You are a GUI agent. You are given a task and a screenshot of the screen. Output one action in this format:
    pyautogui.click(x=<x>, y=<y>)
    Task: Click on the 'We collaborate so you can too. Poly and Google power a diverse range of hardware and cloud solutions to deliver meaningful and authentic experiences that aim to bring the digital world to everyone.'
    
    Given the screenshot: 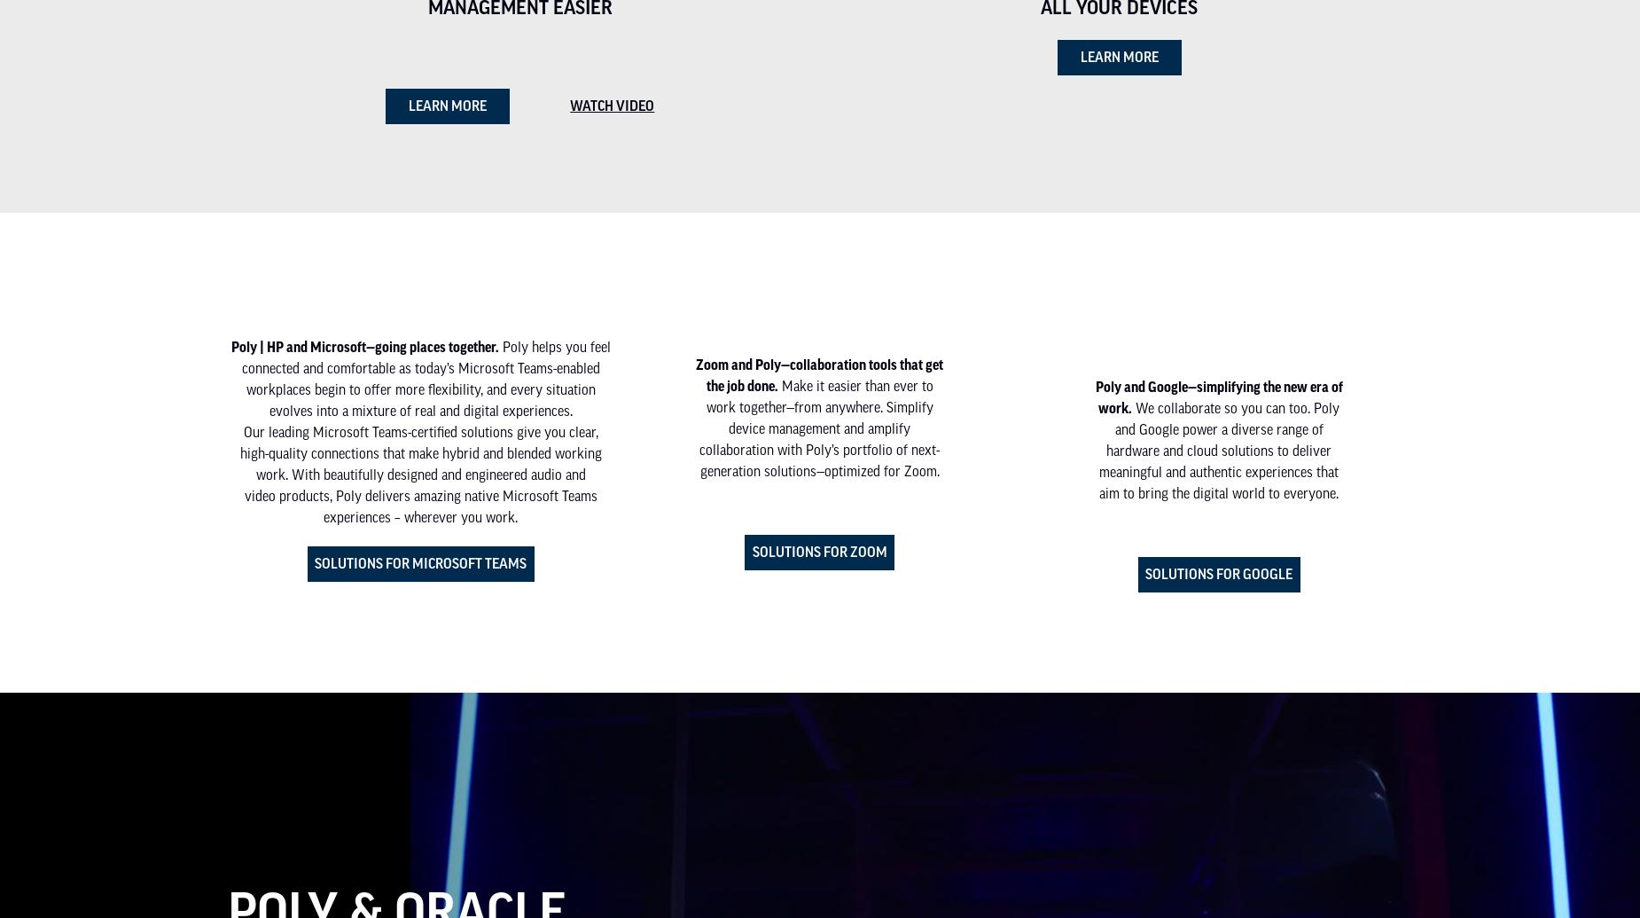 What is the action you would take?
    pyautogui.click(x=1098, y=450)
    